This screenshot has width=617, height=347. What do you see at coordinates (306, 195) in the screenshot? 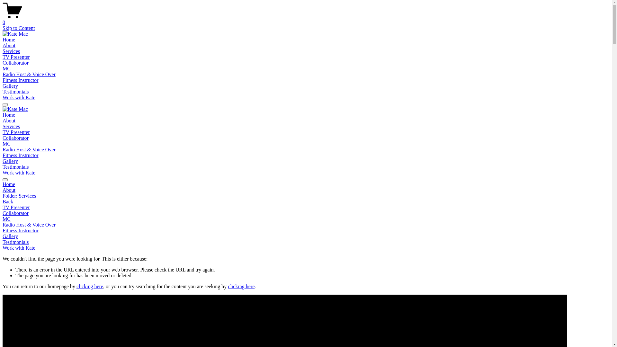
I see `'Folder: Services'` at bounding box center [306, 195].